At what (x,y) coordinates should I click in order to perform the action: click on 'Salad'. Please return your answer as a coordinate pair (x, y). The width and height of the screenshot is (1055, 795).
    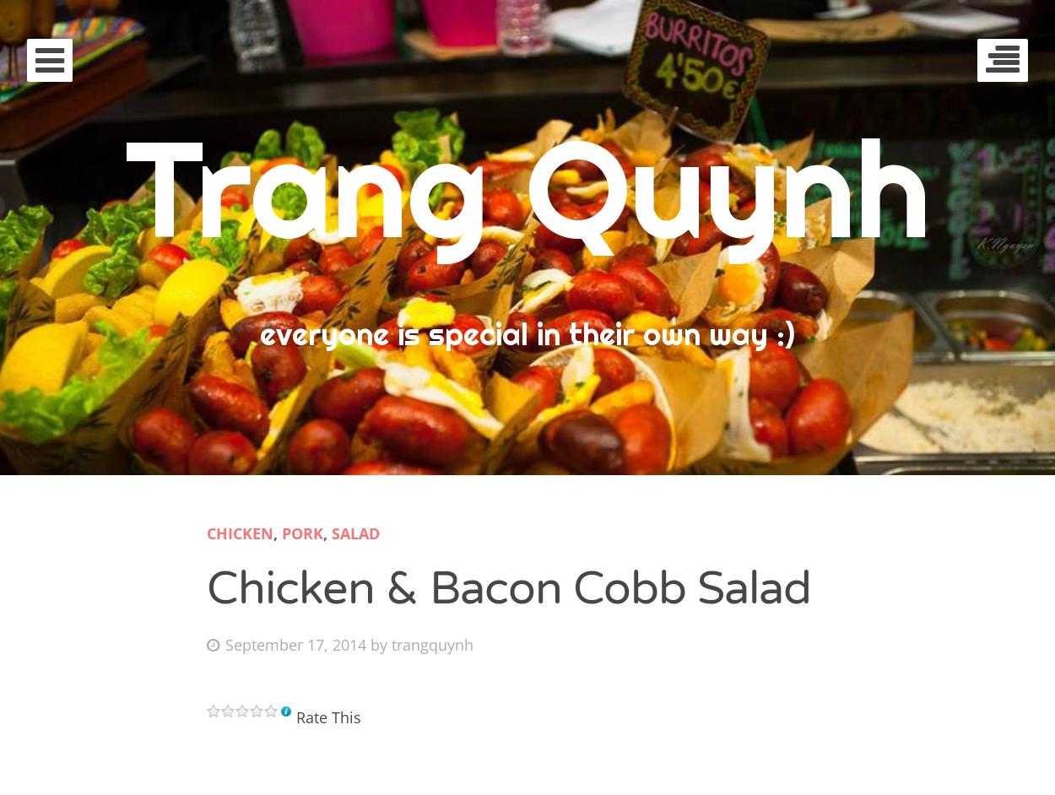
    Looking at the image, I should click on (355, 532).